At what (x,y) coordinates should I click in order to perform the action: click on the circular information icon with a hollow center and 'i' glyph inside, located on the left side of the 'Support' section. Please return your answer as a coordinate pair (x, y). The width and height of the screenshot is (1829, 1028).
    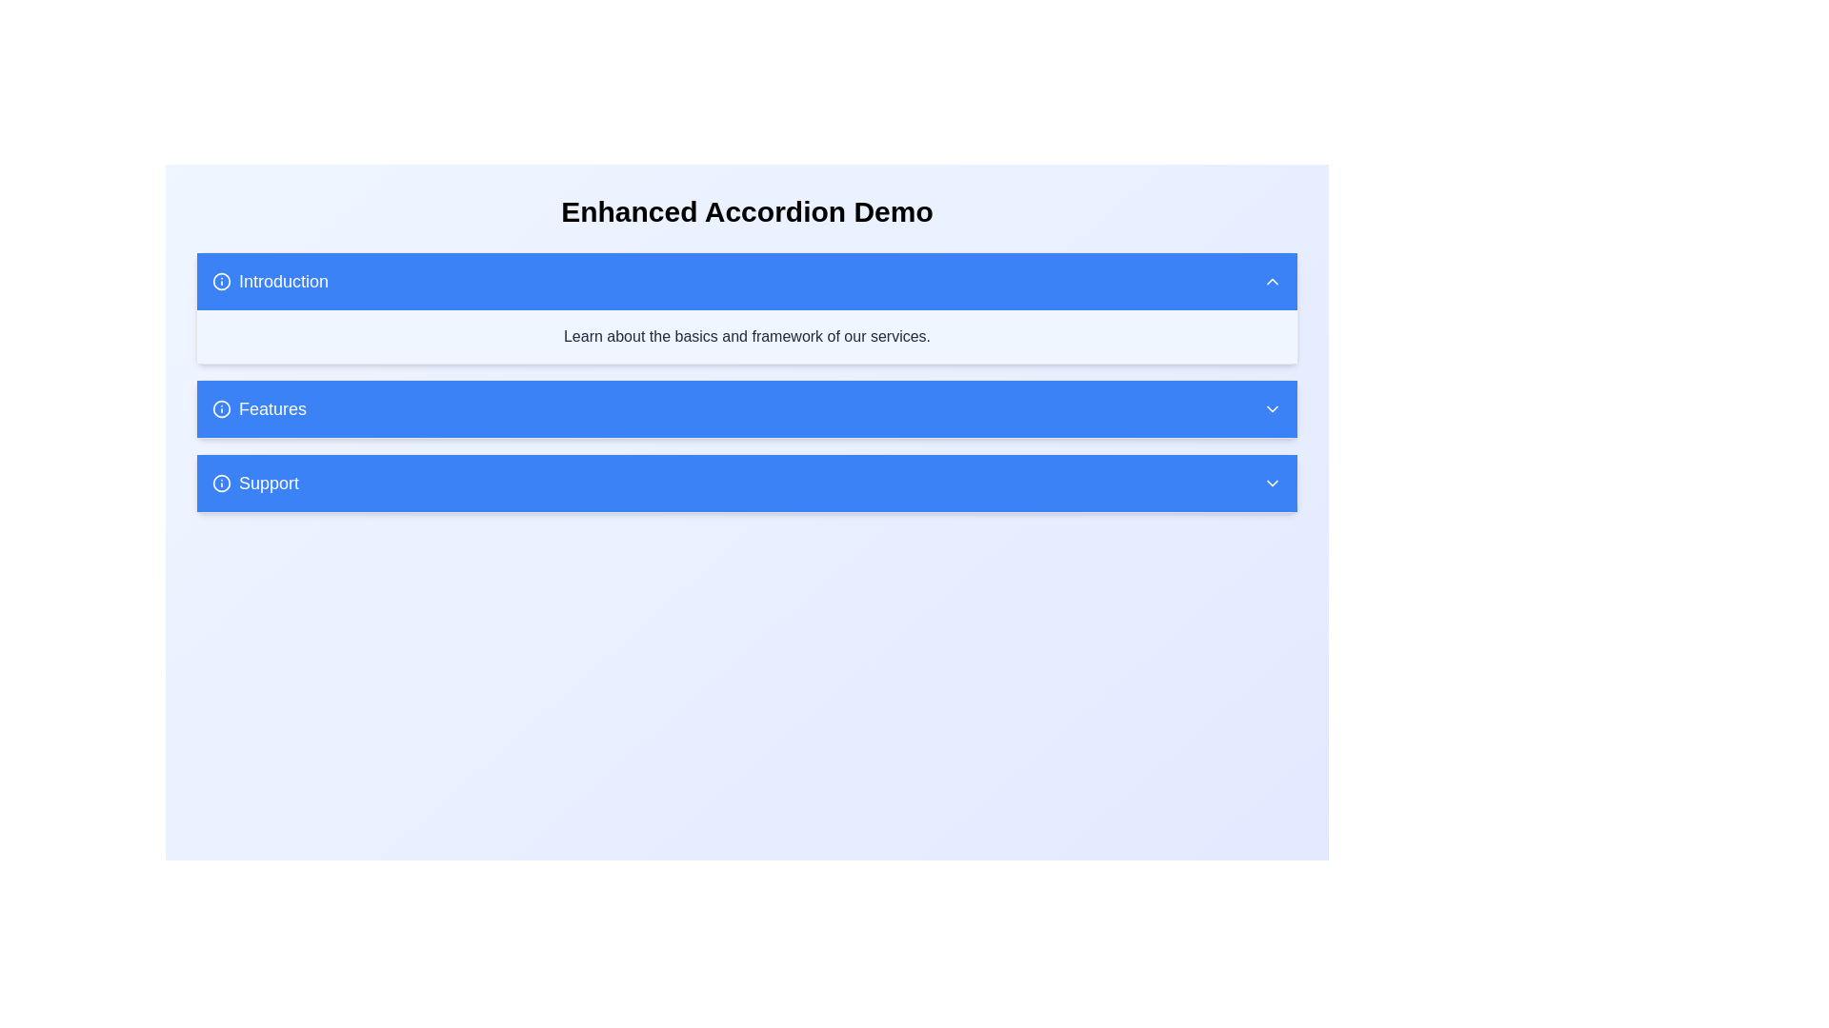
    Looking at the image, I should click on (222, 483).